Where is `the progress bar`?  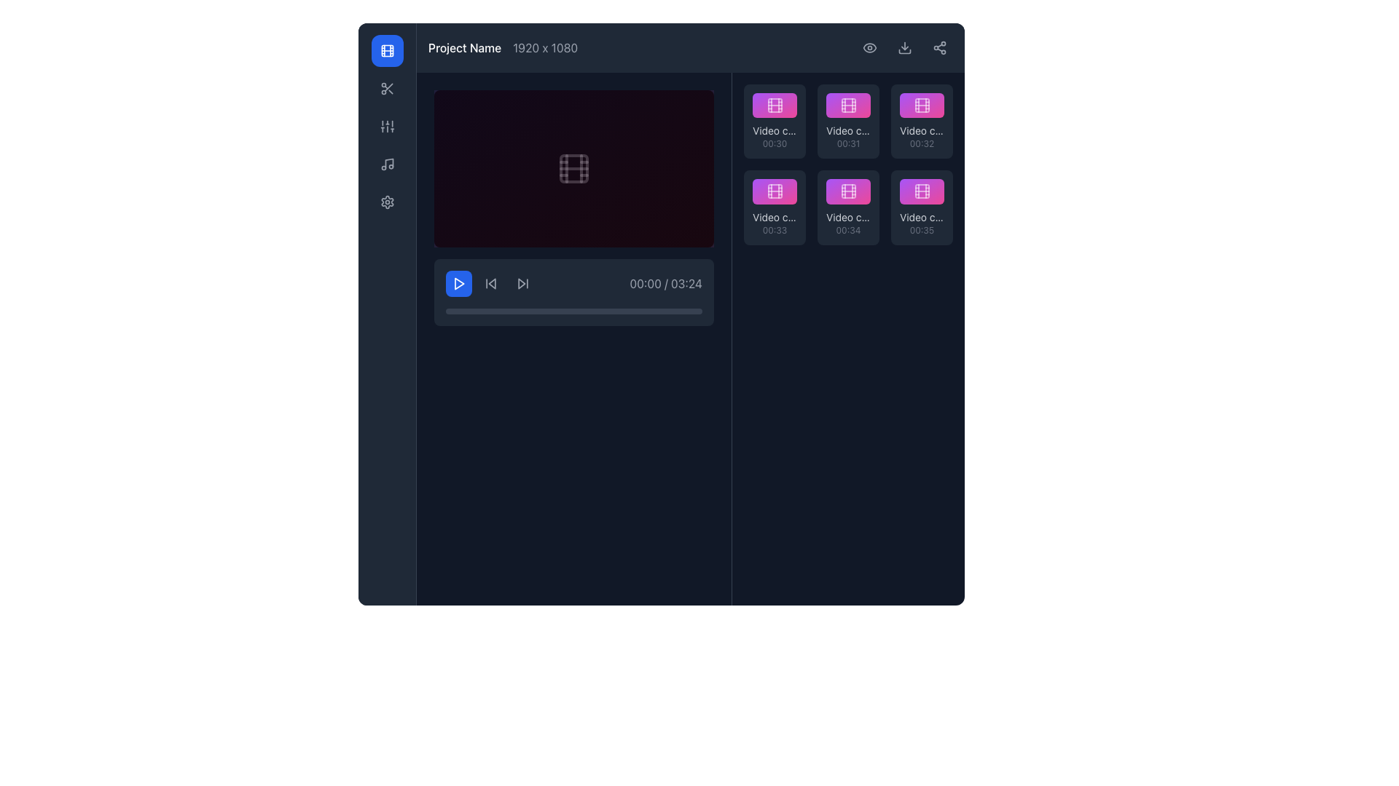 the progress bar is located at coordinates (600, 311).